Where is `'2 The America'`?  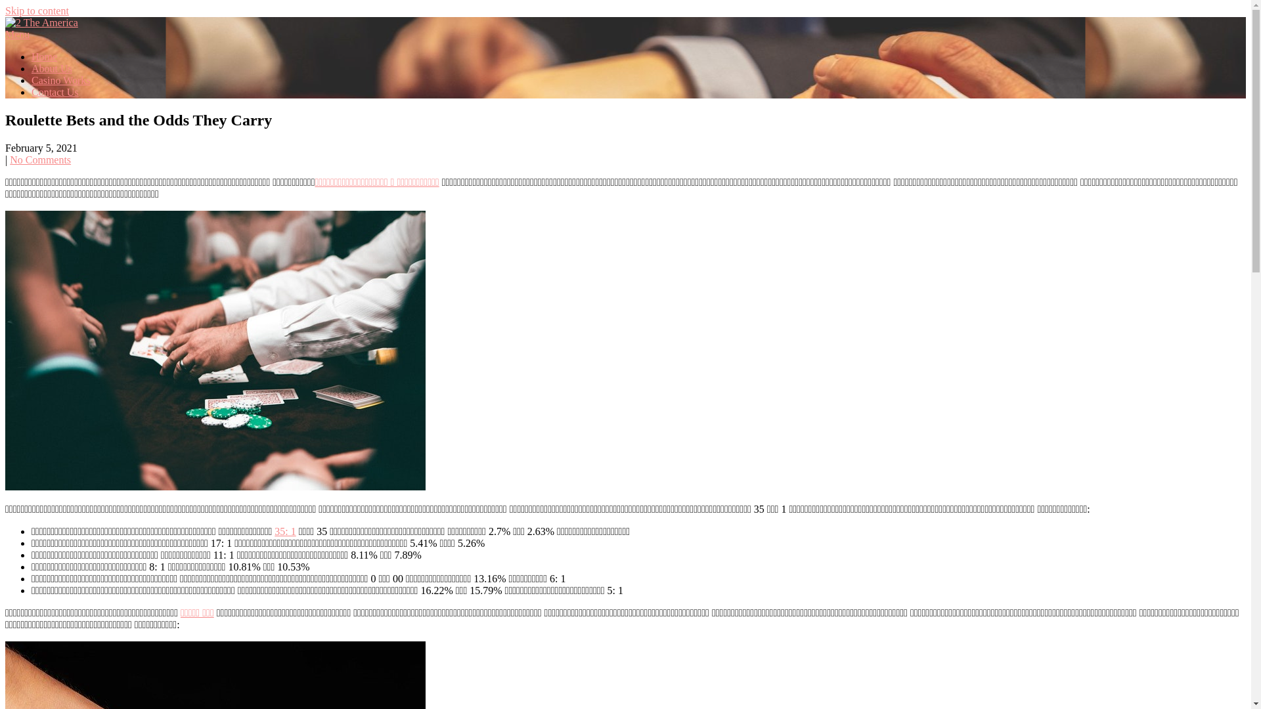
'2 The America' is located at coordinates (70, 54).